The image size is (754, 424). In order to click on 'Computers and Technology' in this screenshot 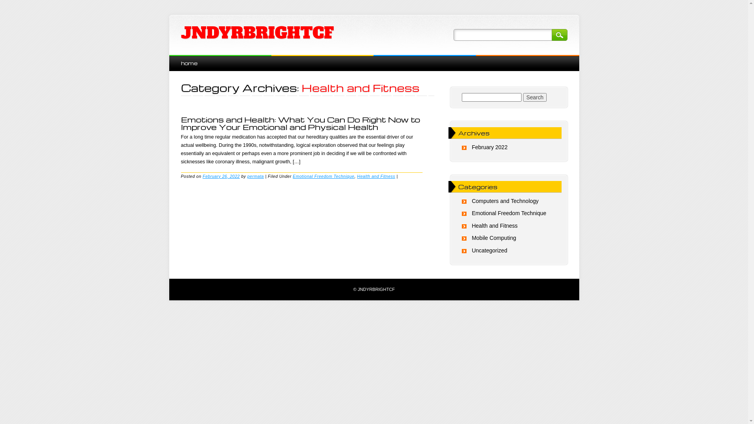, I will do `click(505, 201)`.